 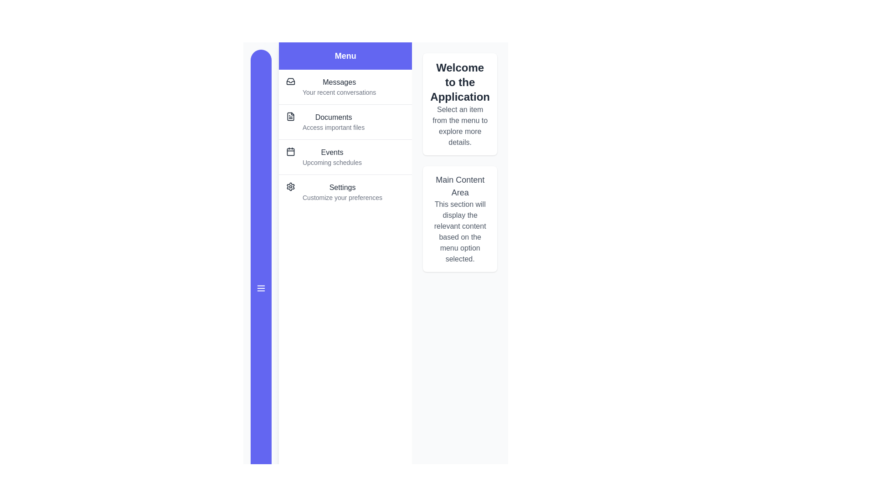 What do you see at coordinates (345, 191) in the screenshot?
I see `the menu item Settings from the drawer menu` at bounding box center [345, 191].